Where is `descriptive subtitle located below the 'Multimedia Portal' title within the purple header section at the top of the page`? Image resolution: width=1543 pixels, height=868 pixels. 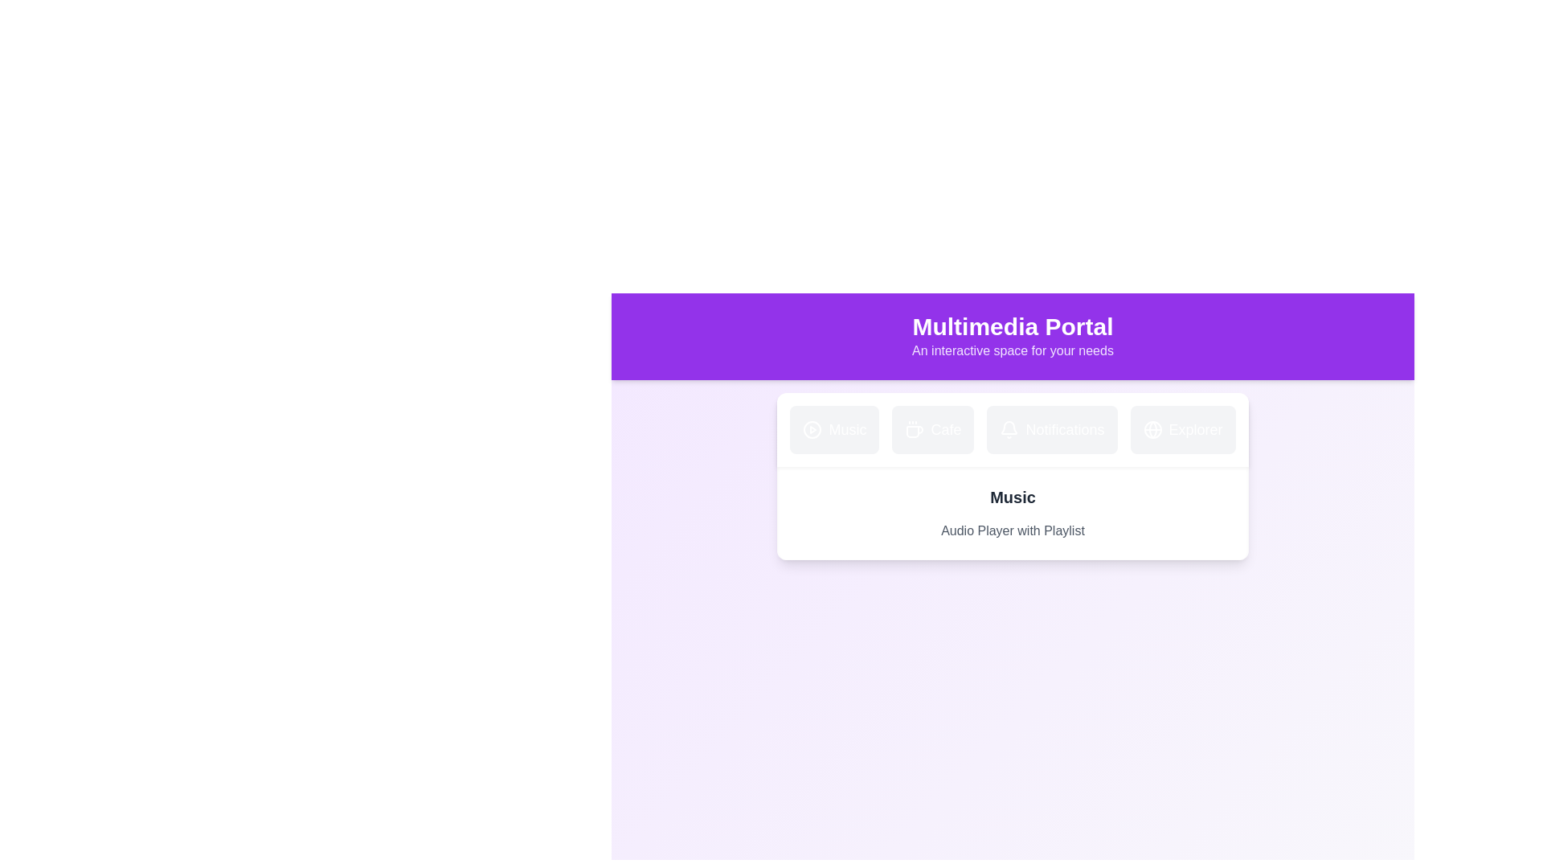 descriptive subtitle located below the 'Multimedia Portal' title within the purple header section at the top of the page is located at coordinates (1012, 350).